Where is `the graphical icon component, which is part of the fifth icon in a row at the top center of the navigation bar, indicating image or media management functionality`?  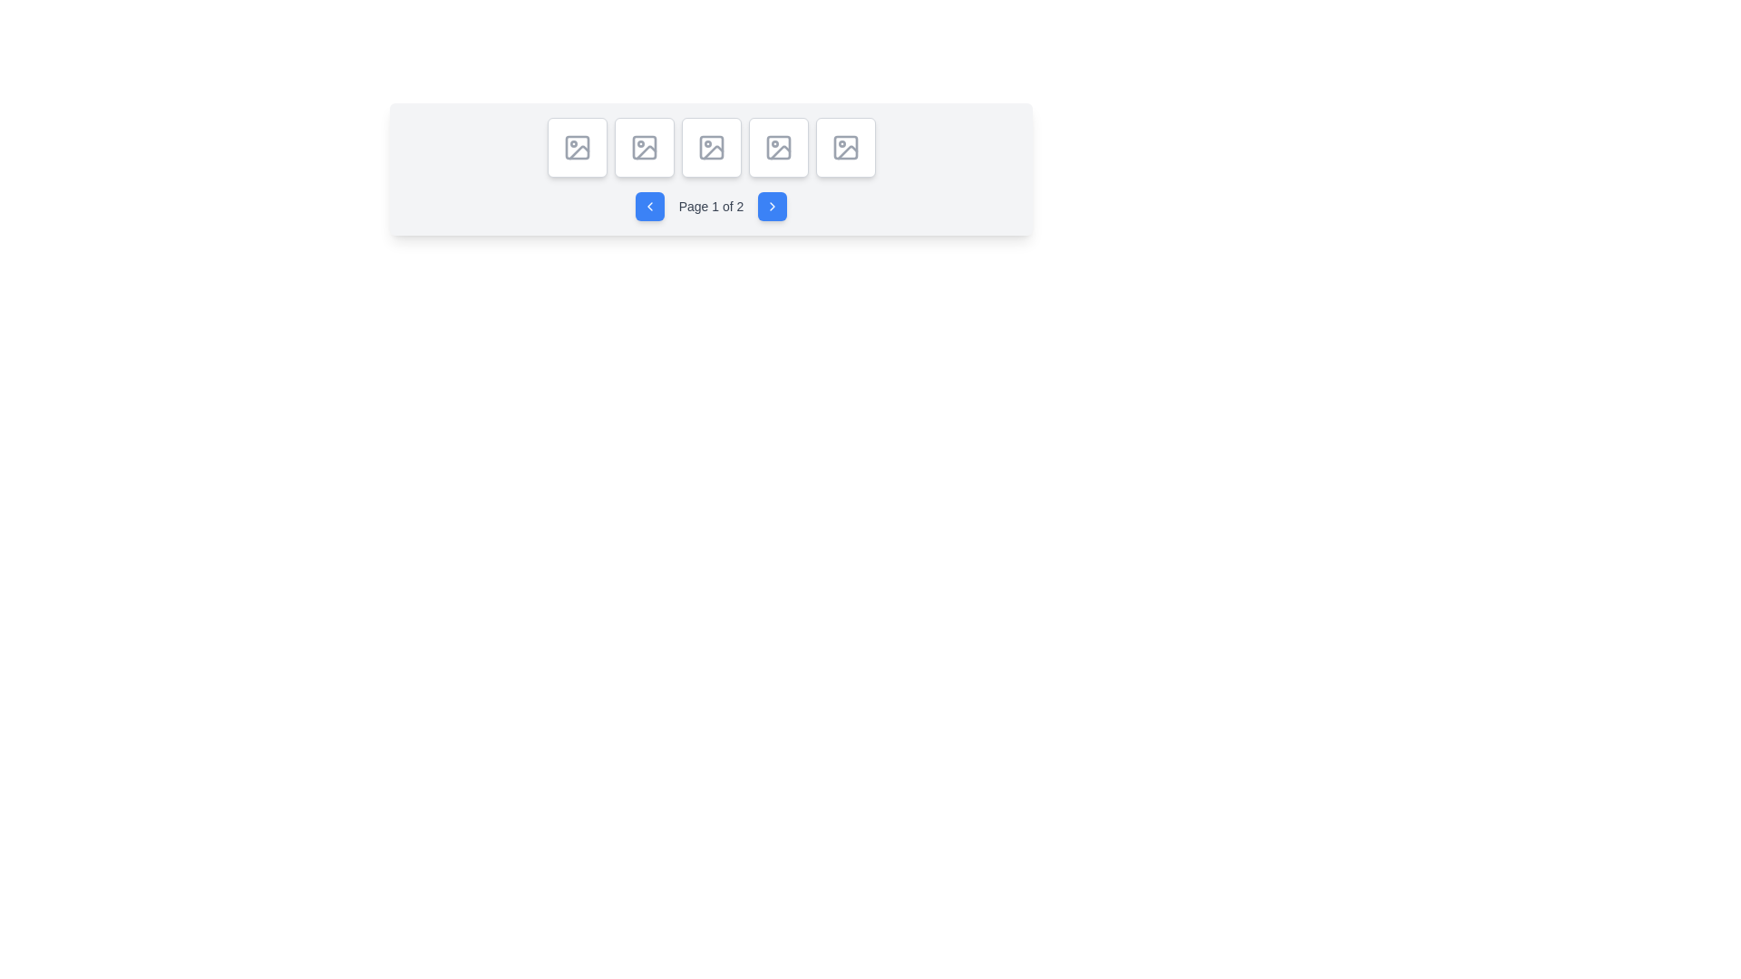 the graphical icon component, which is part of the fifth icon in a row at the top center of the navigation bar, indicating image or media management functionality is located at coordinates (846, 151).